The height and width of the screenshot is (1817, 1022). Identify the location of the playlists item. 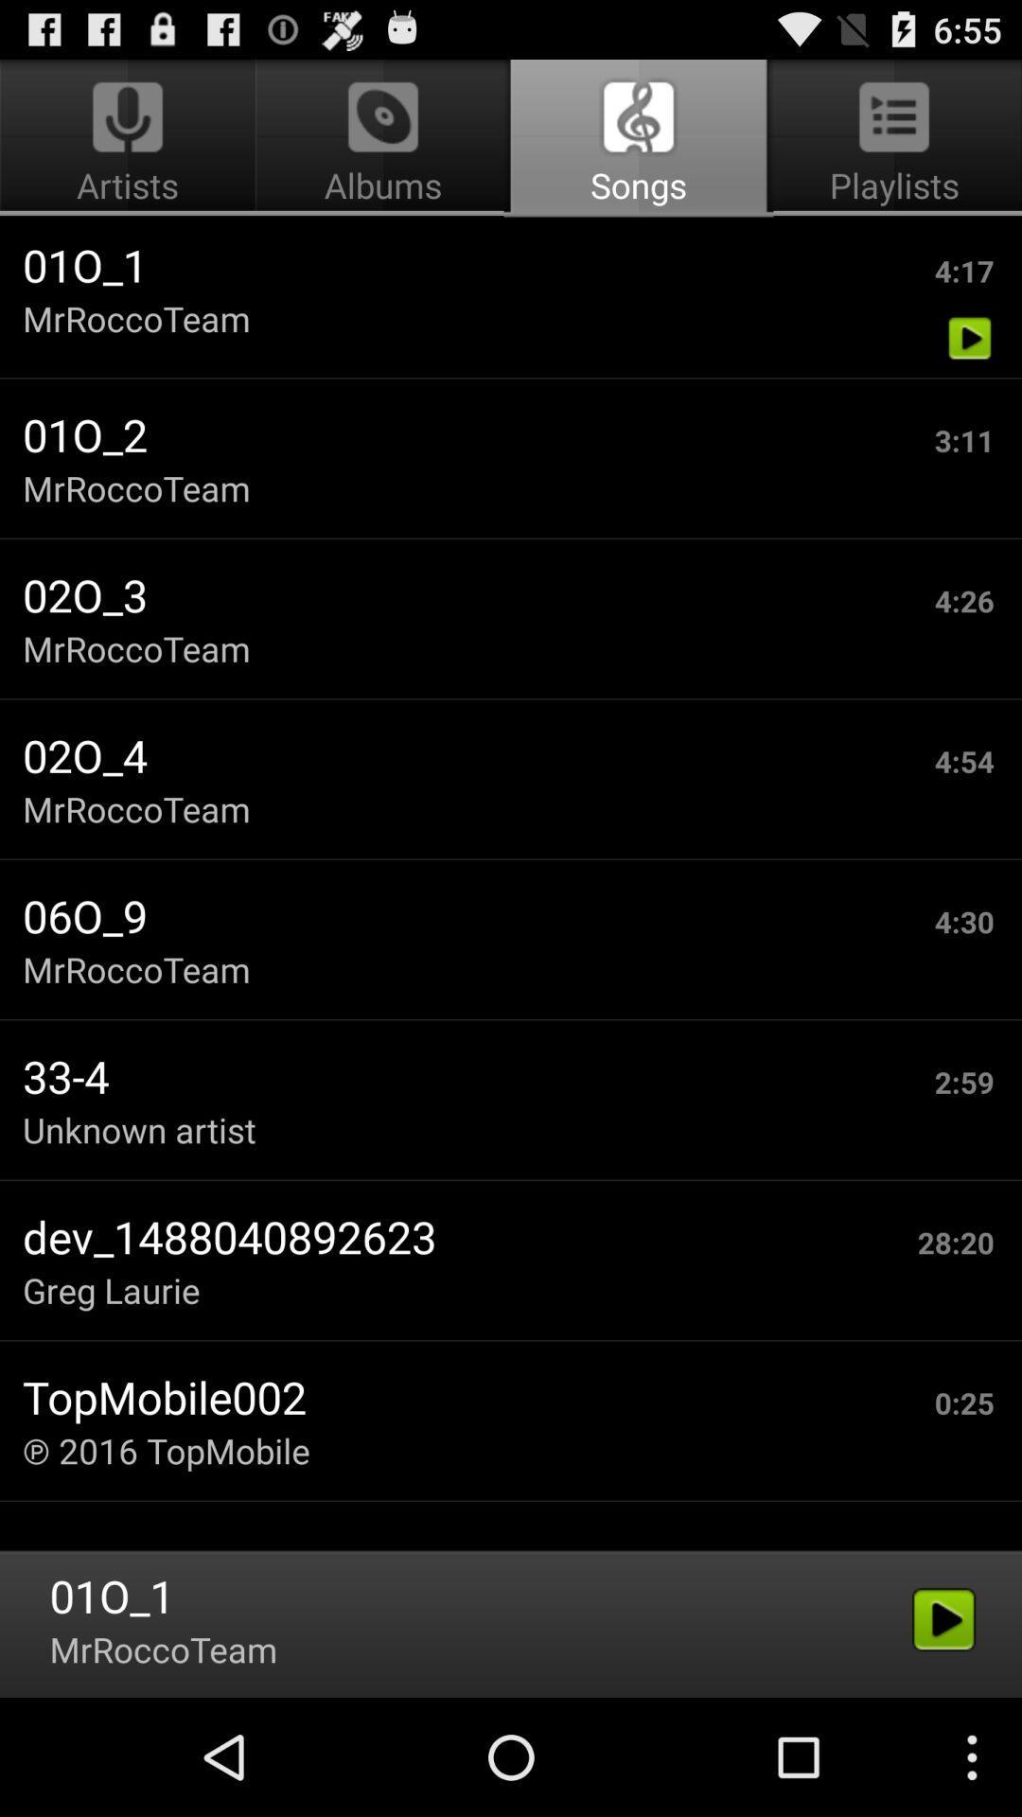
(890, 138).